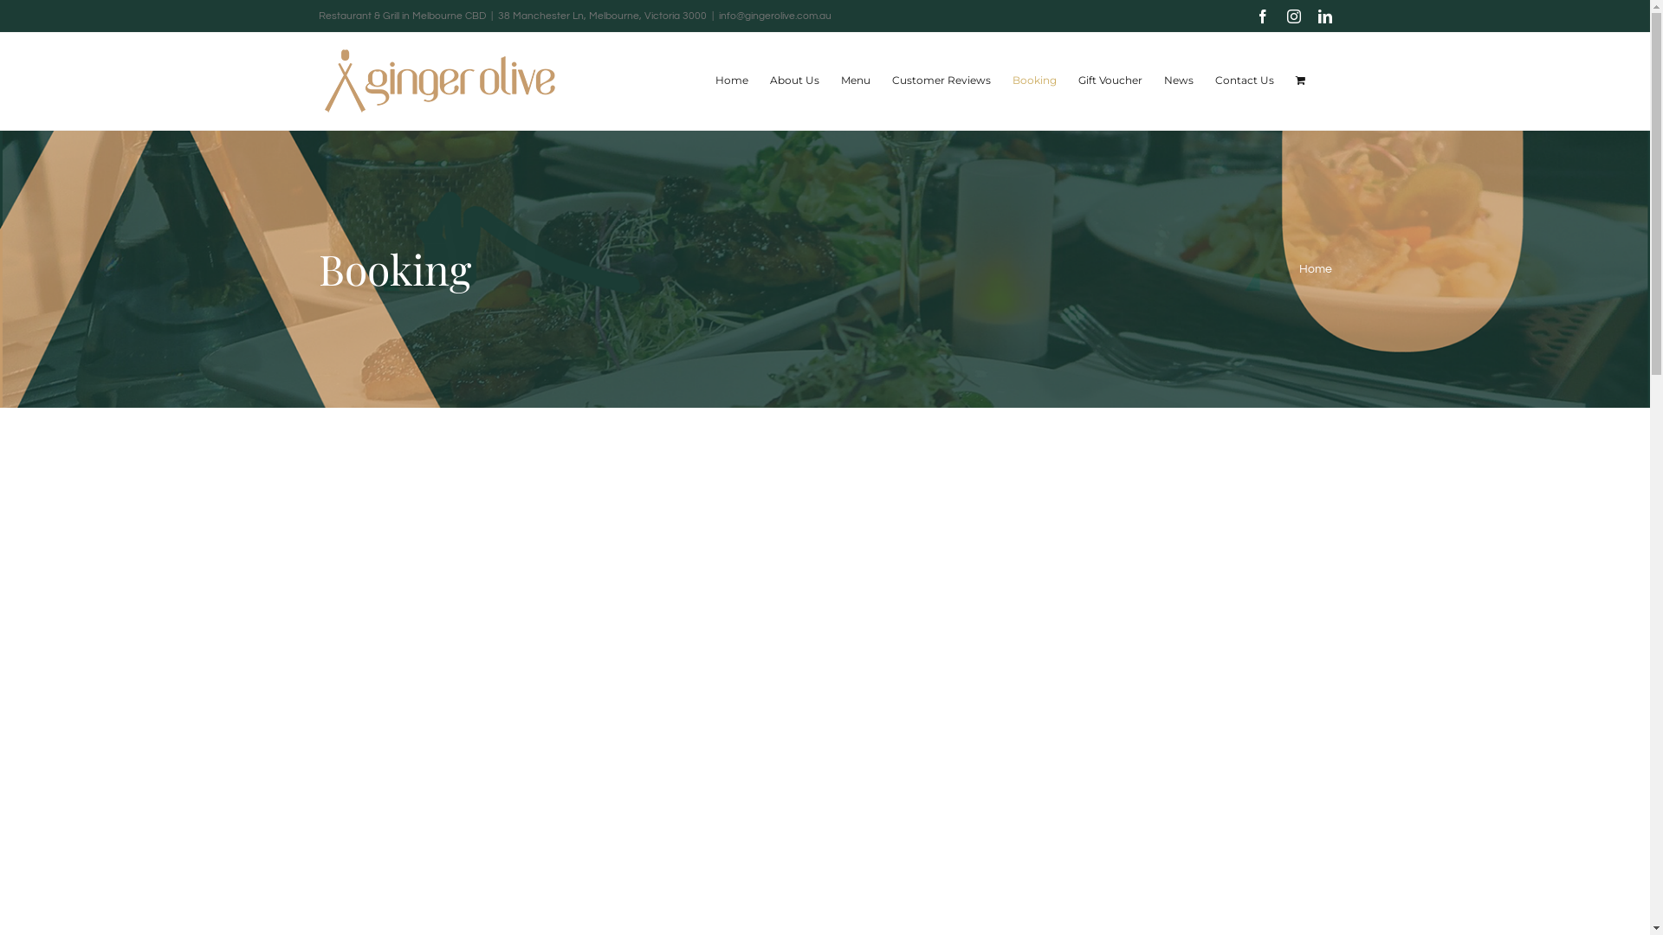  I want to click on 'Booking', so click(1033, 80).